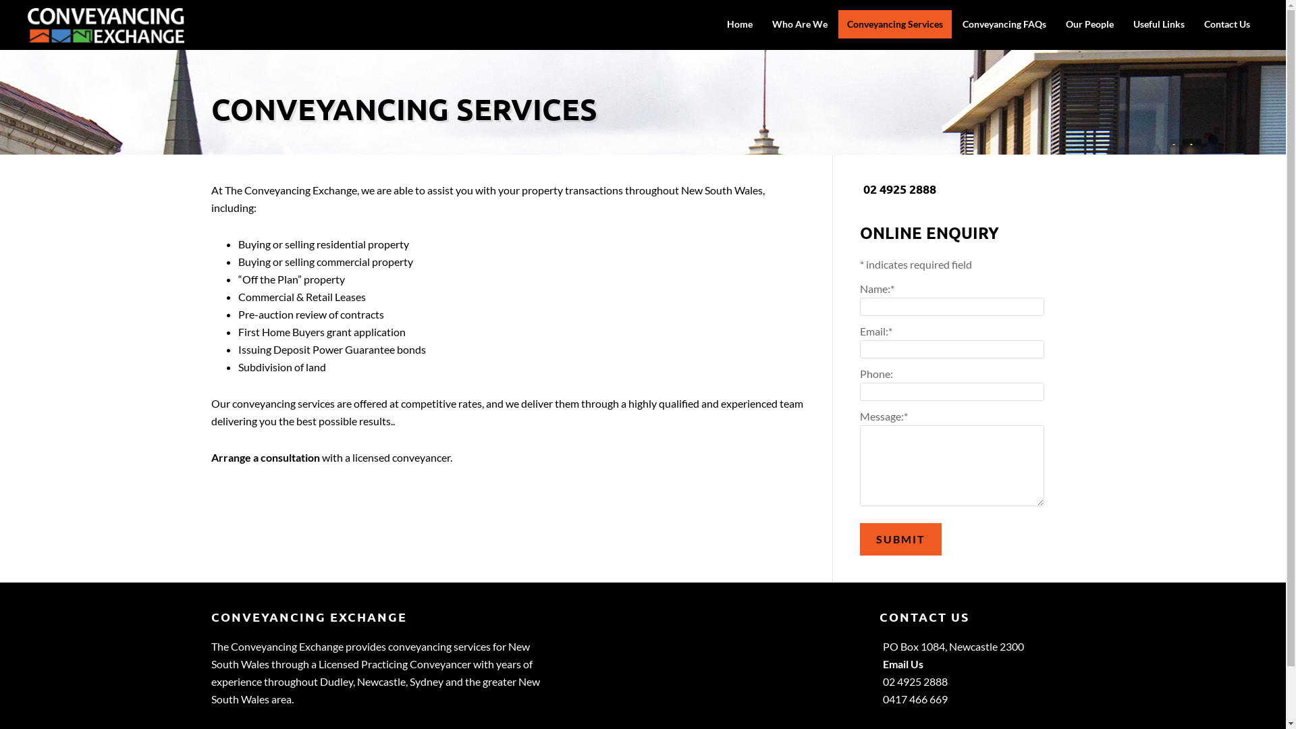 The image size is (1296, 729). I want to click on 'Conveyancing FAQs', so click(1004, 24).